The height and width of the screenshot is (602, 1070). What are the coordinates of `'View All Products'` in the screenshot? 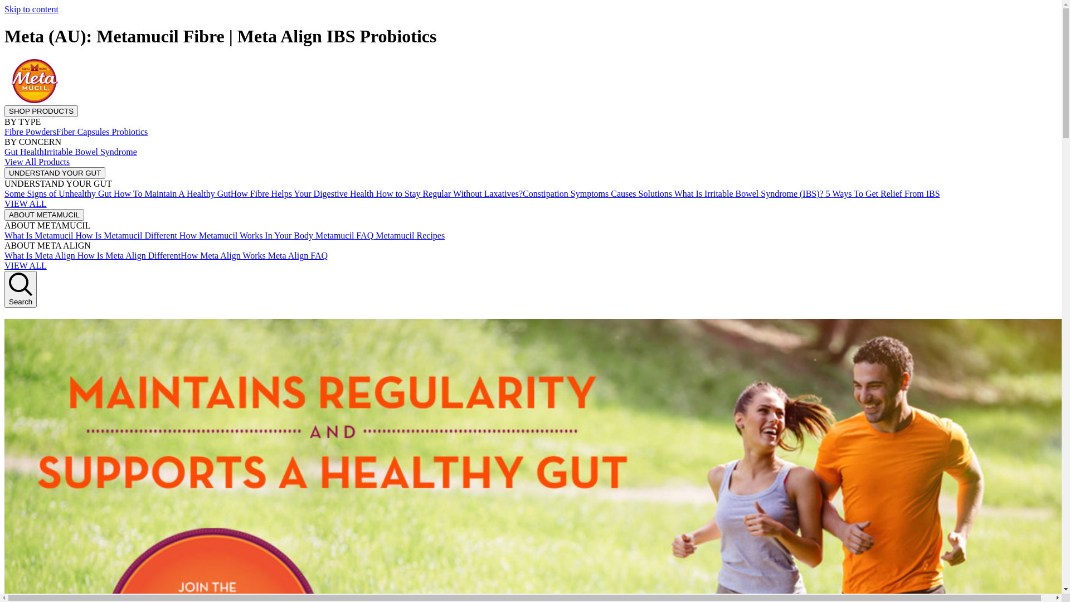 It's located at (37, 162).